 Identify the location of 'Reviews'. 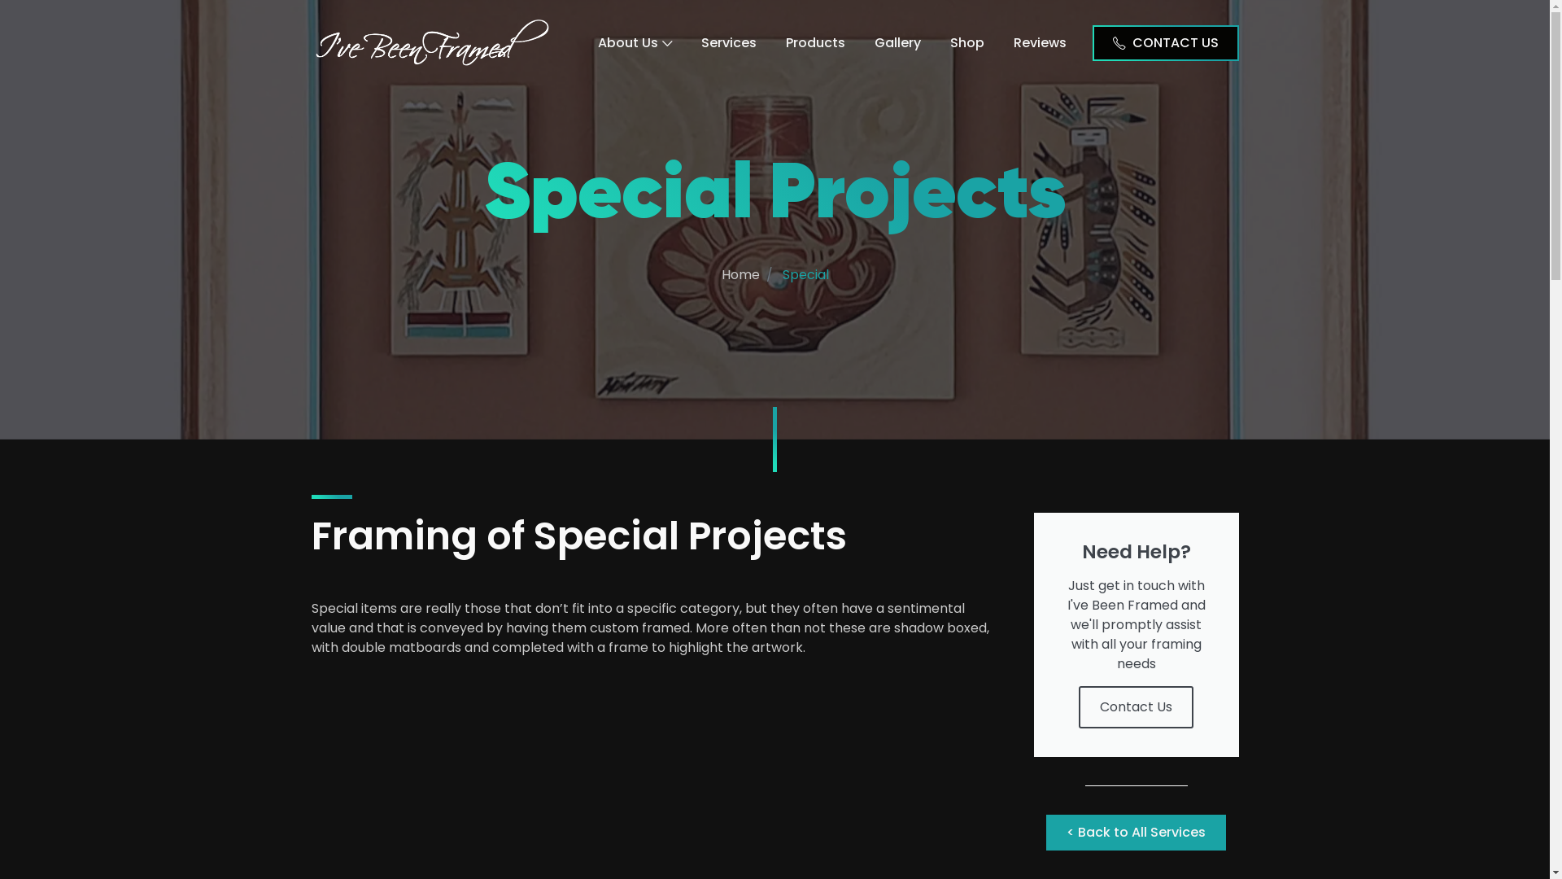
(999, 41).